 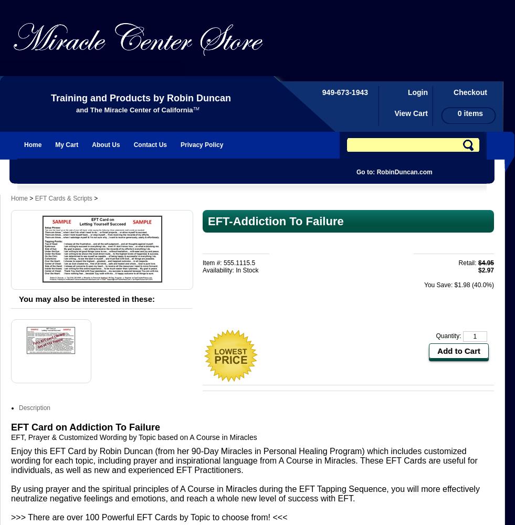 What do you see at coordinates (365, 172) in the screenshot?
I see `'Go to:'` at bounding box center [365, 172].